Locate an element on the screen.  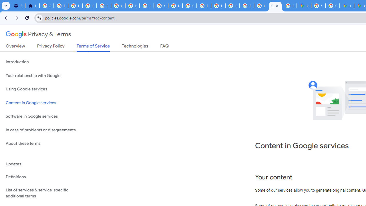
'Settings - On startup' is located at coordinates (18, 6).